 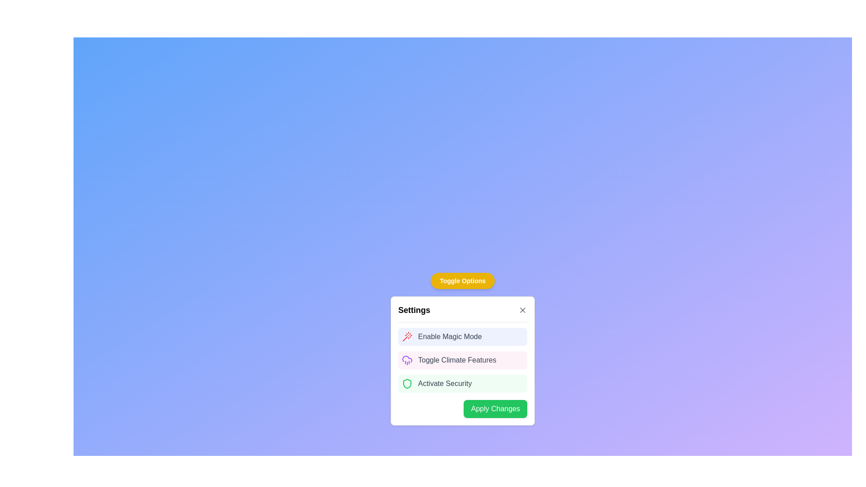 I want to click on the Close Control icon located at the top-right corner of the settings panel, so click(x=522, y=309).